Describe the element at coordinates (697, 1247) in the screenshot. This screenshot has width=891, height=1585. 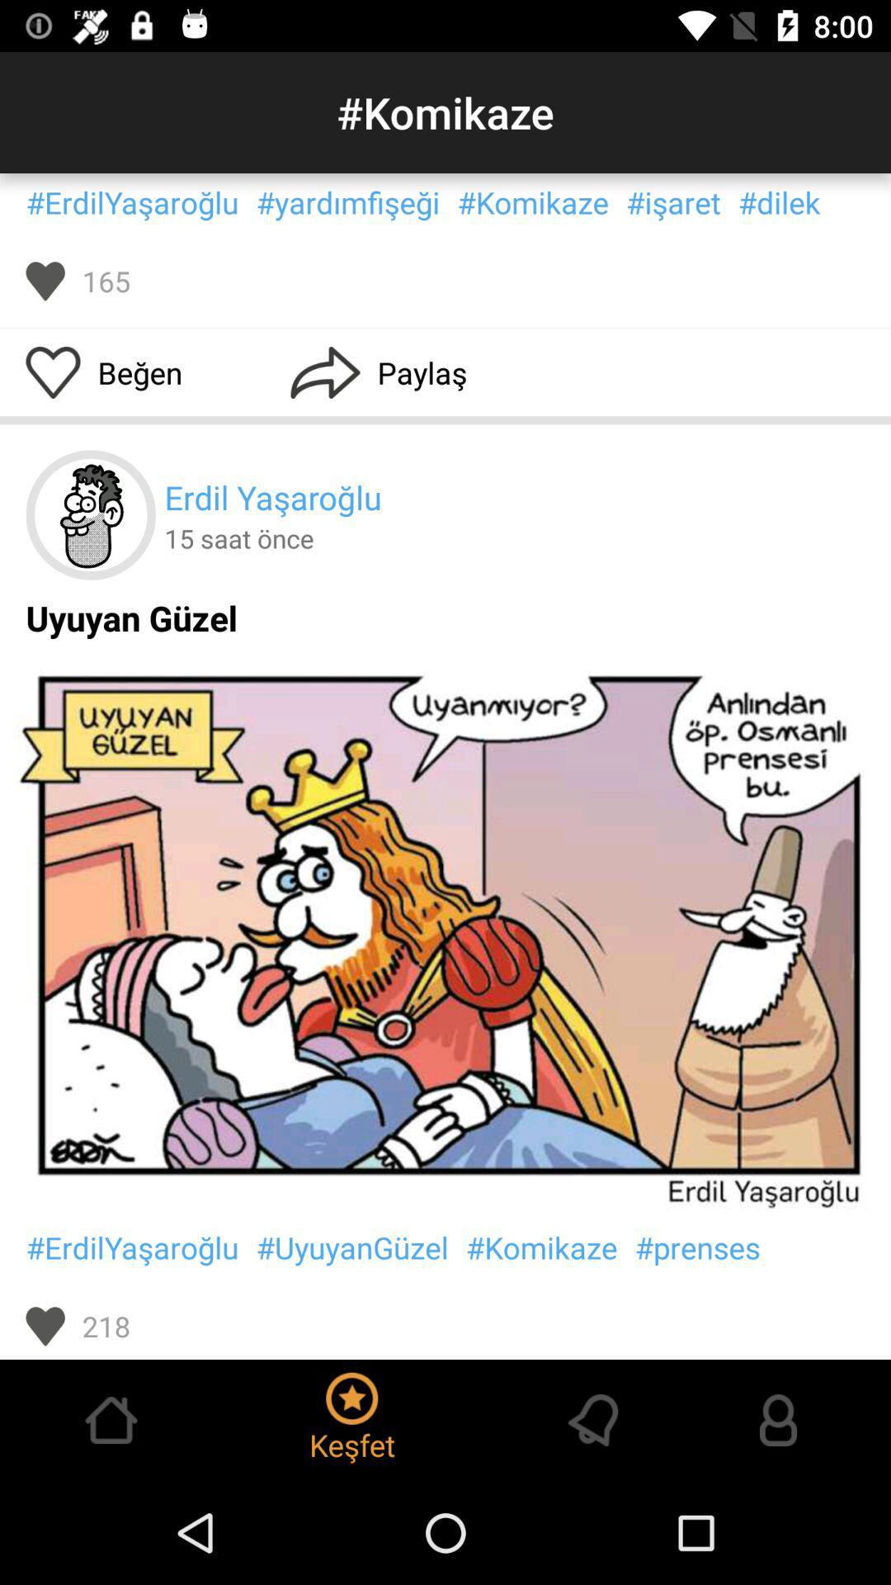
I see `#prenses icon` at that location.